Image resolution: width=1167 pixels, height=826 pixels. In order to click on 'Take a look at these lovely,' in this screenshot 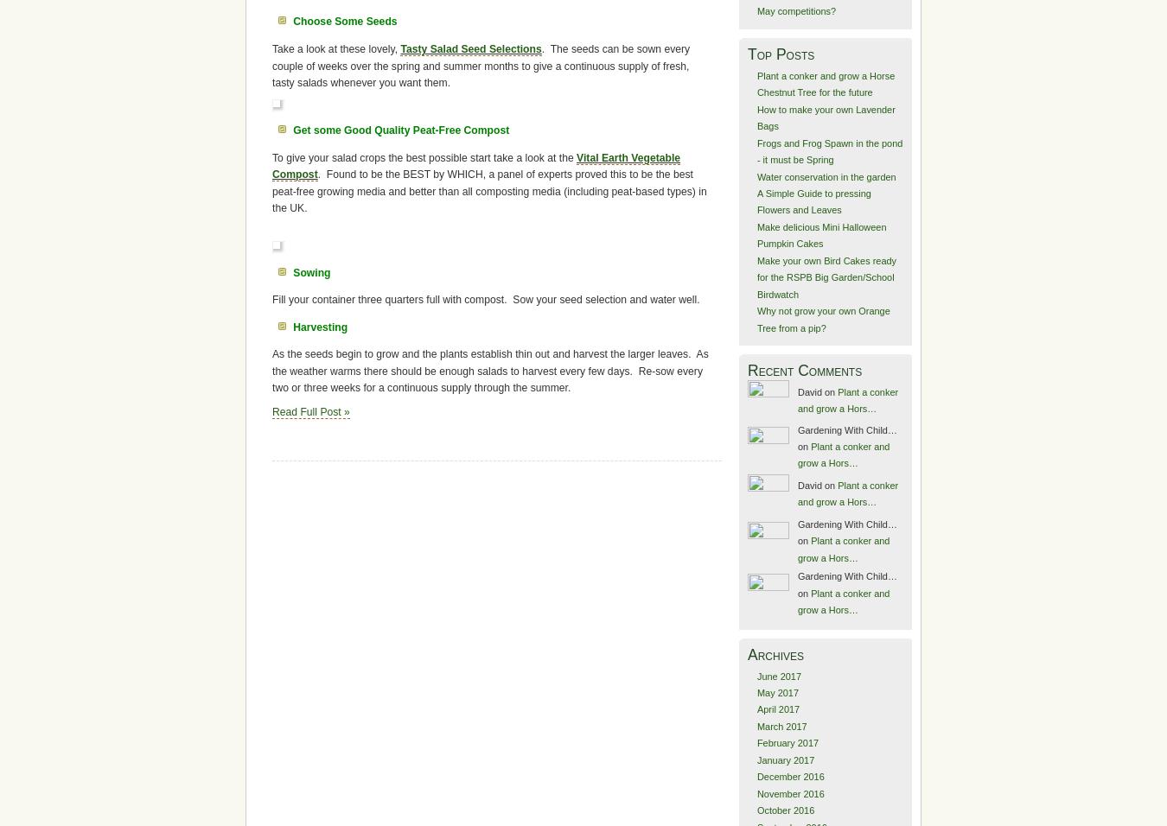, I will do `click(335, 48)`.